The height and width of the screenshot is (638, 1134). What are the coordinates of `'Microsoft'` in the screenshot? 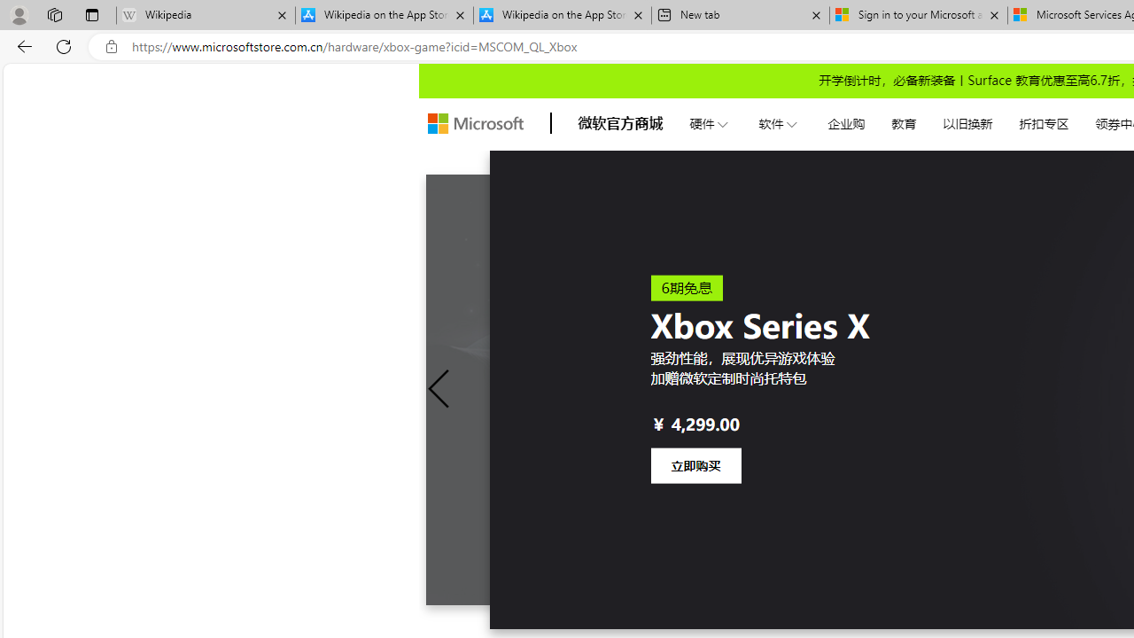 It's located at (475, 123).